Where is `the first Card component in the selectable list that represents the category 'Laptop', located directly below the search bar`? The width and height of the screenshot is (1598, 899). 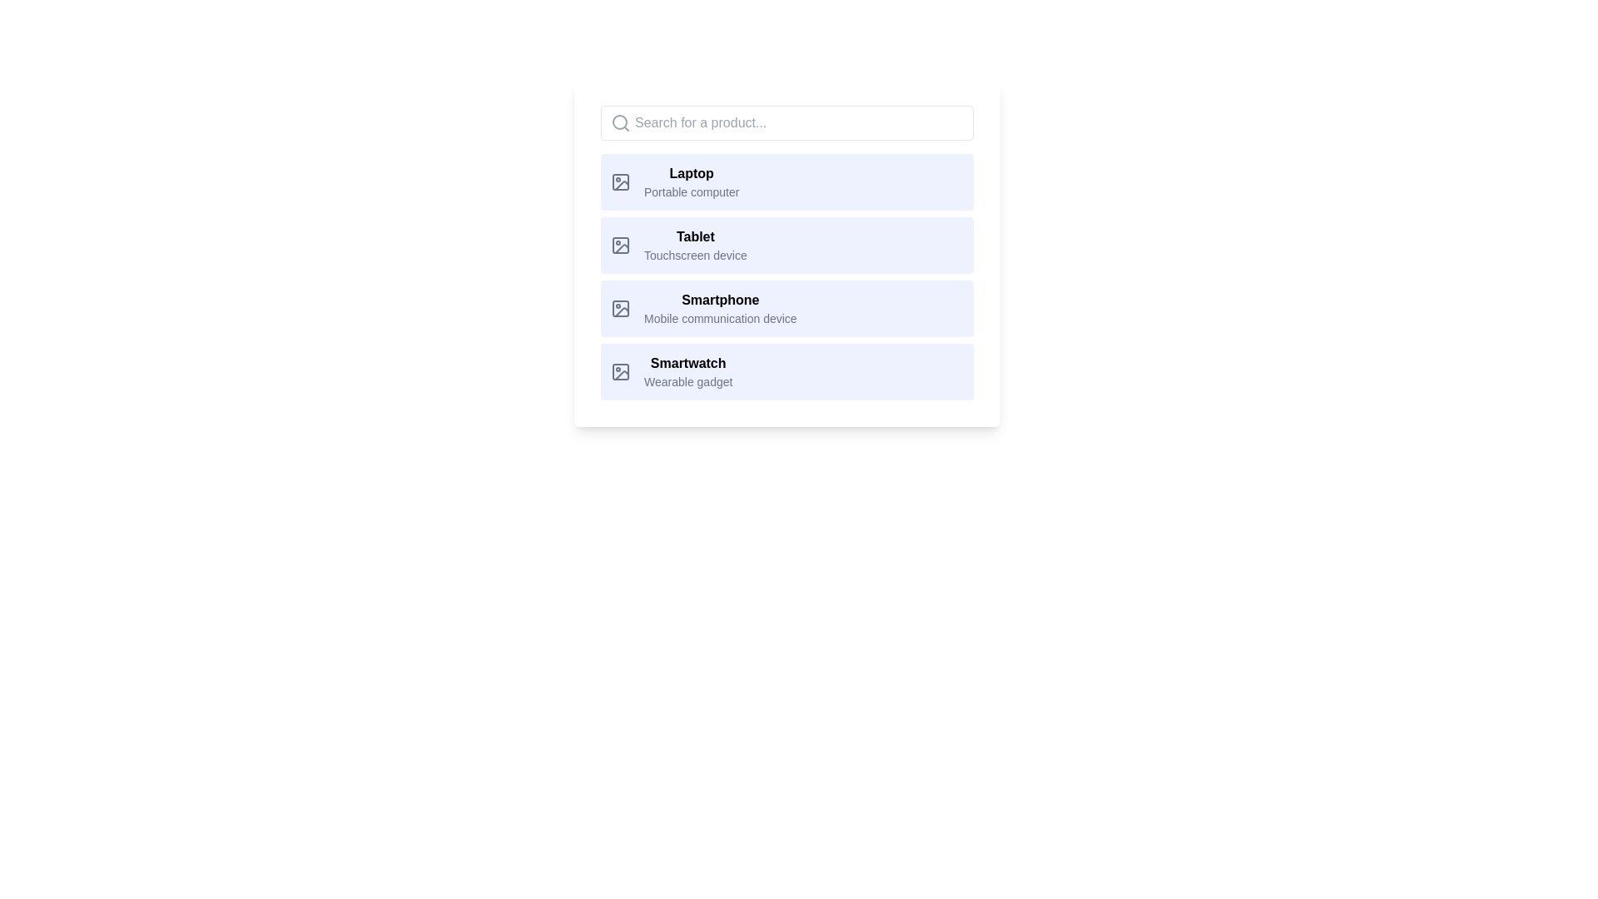 the first Card component in the selectable list that represents the category 'Laptop', located directly below the search bar is located at coordinates (786, 182).